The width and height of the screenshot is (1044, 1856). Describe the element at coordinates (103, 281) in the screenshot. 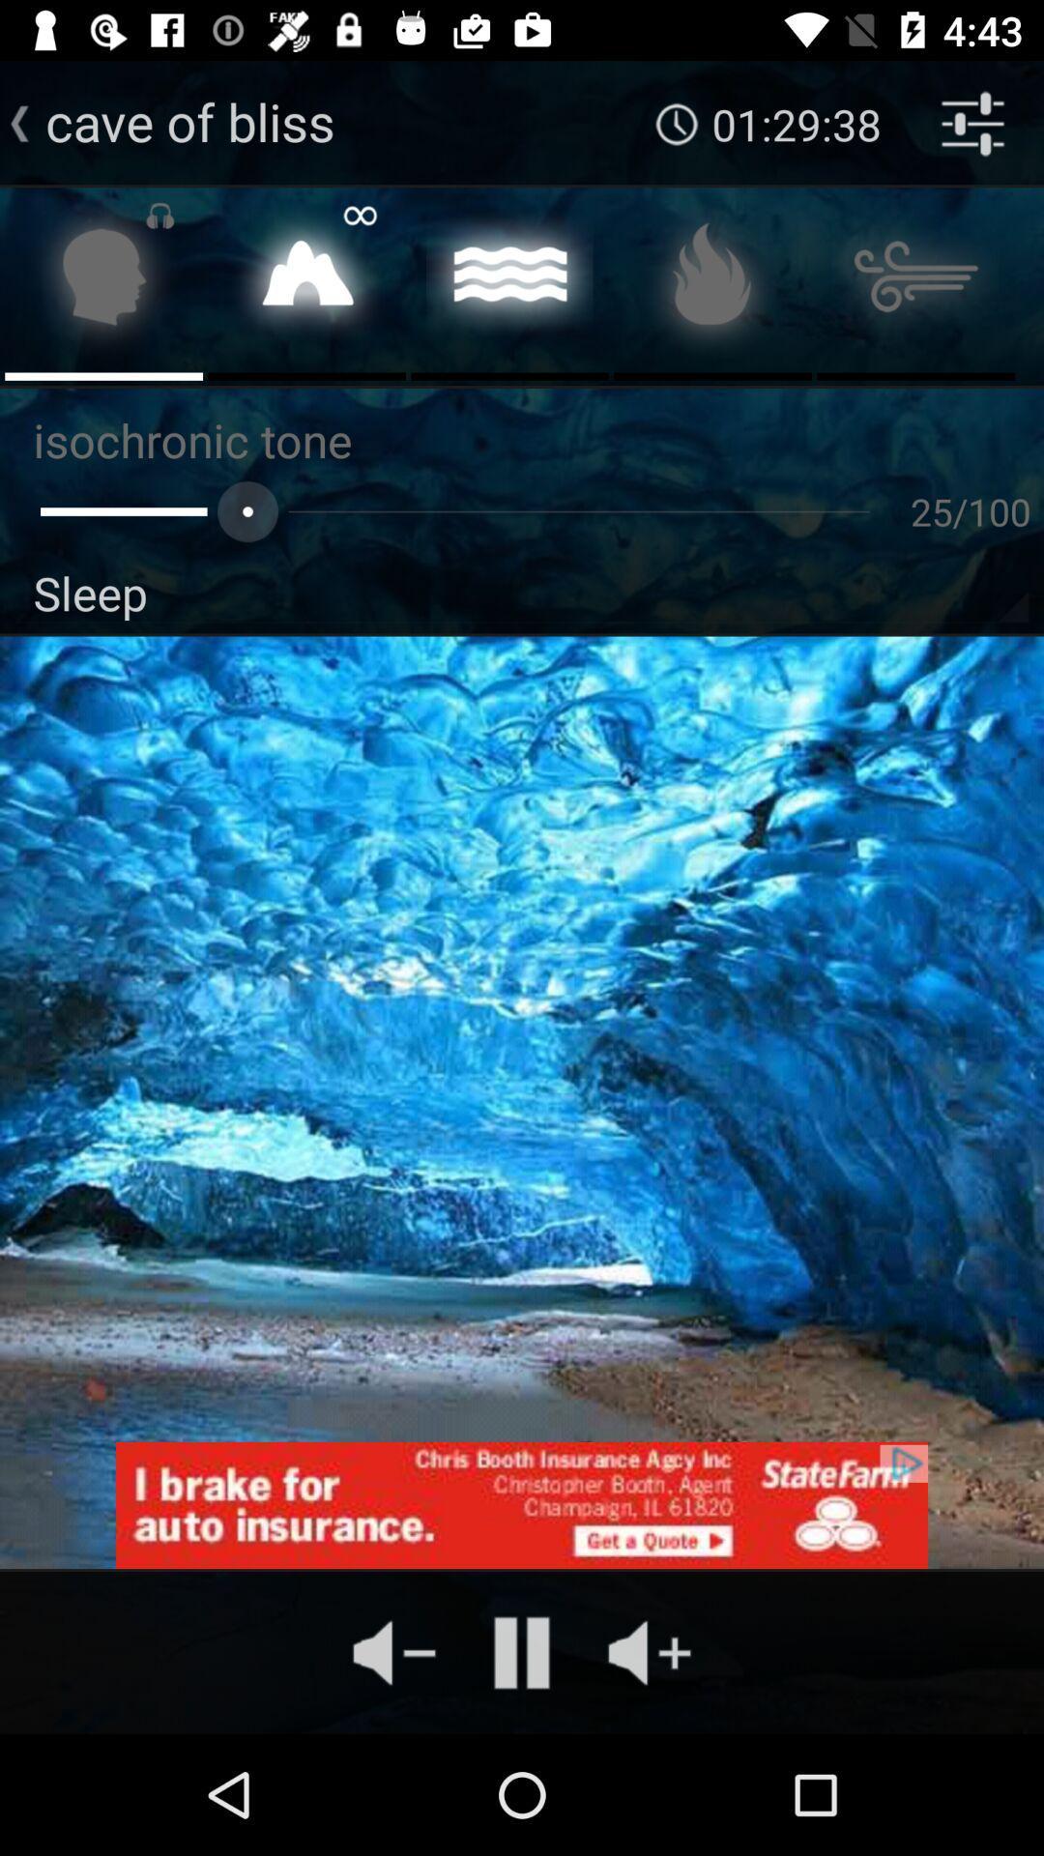

I see `the notifications icon` at that location.